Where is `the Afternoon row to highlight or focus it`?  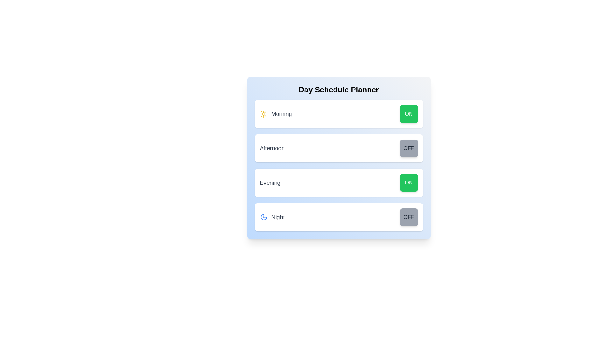
the Afternoon row to highlight or focus it is located at coordinates (338, 148).